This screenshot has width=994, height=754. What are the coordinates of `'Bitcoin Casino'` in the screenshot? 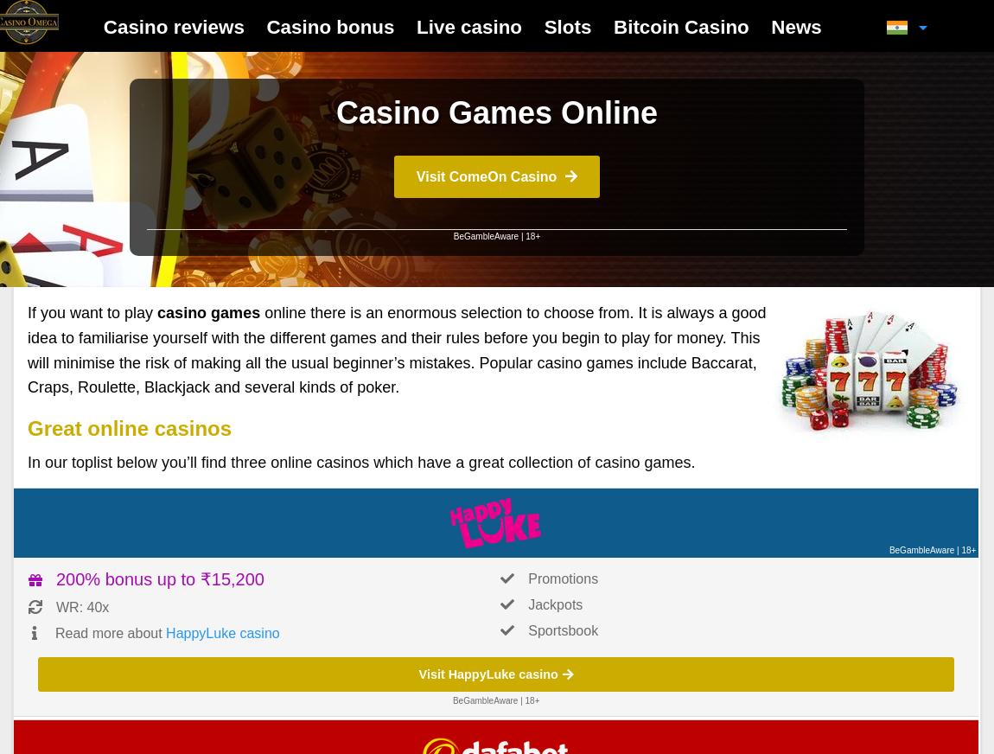 It's located at (679, 25).